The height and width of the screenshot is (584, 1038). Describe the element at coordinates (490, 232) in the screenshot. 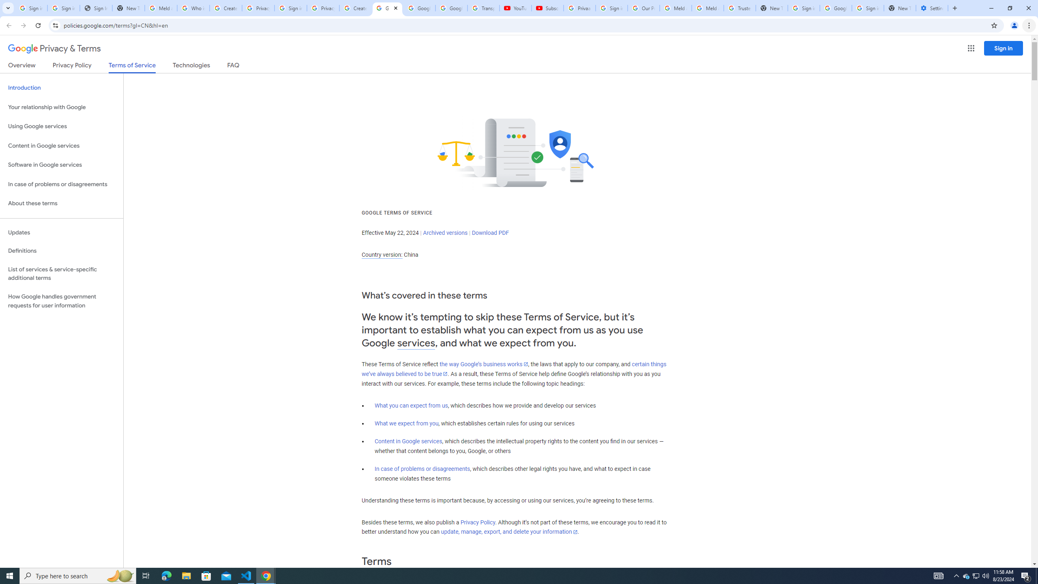

I see `'Download PDF'` at that location.